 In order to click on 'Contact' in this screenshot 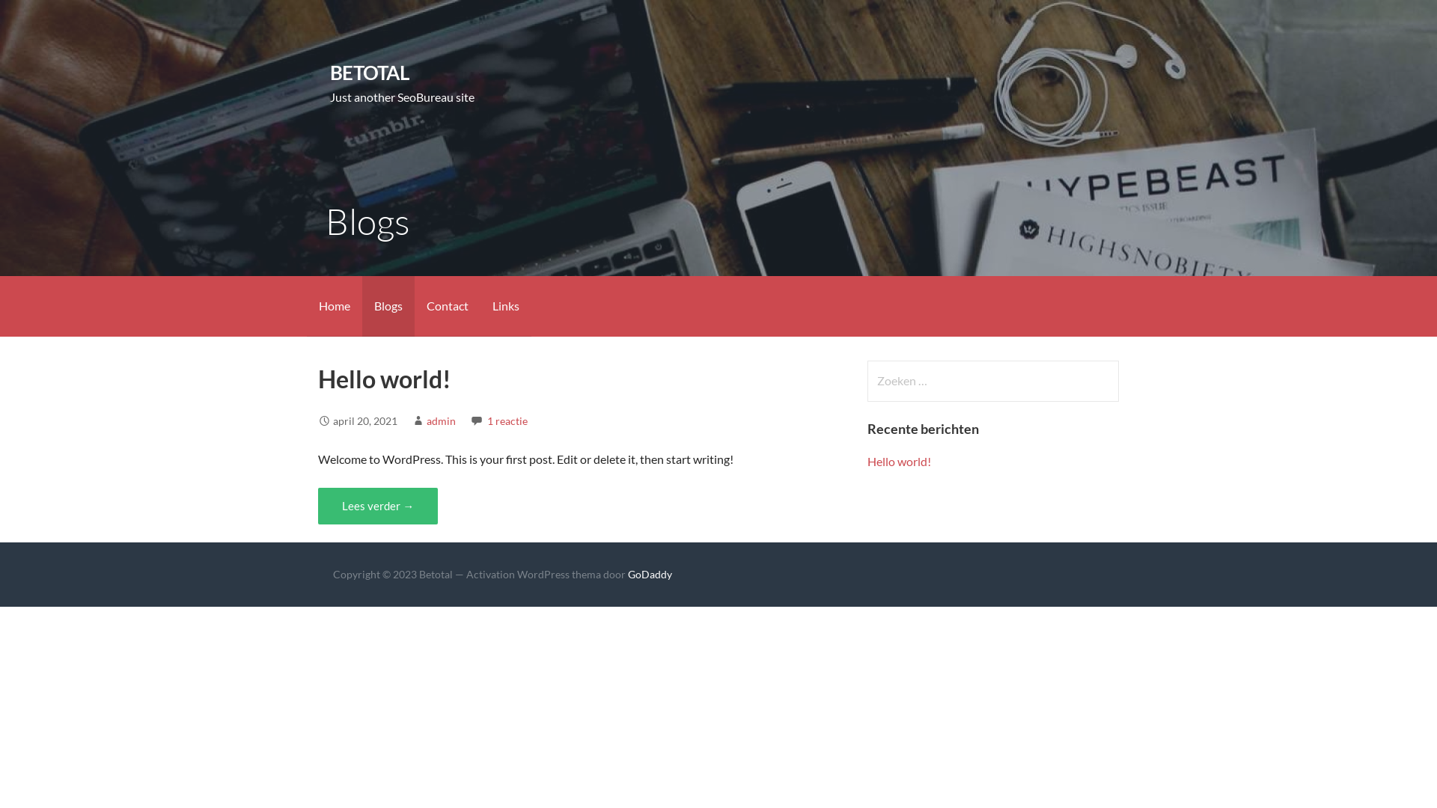, I will do `click(447, 305)`.